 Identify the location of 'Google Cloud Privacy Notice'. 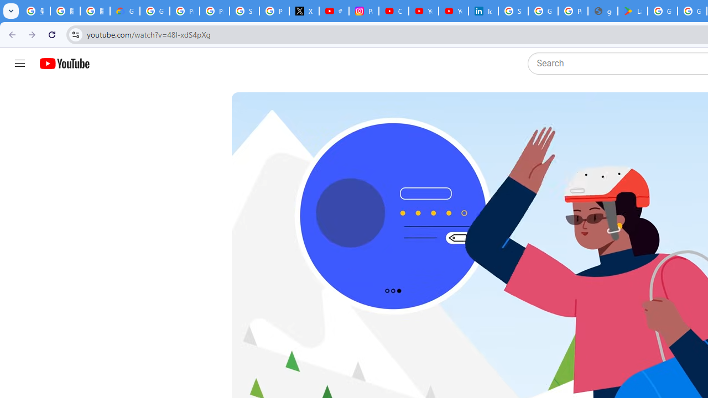
(124, 11).